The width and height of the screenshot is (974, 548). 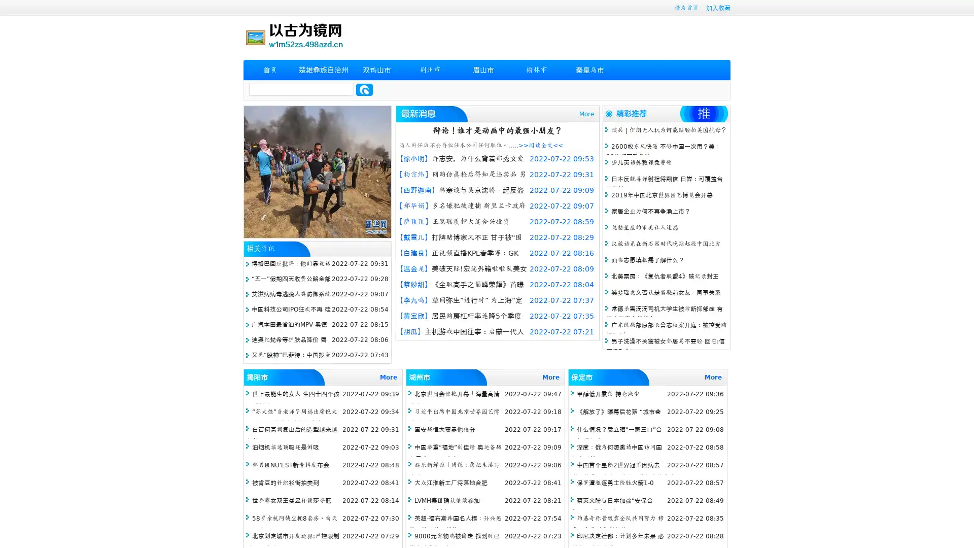 What do you see at coordinates (364, 89) in the screenshot?
I see `Search` at bounding box center [364, 89].